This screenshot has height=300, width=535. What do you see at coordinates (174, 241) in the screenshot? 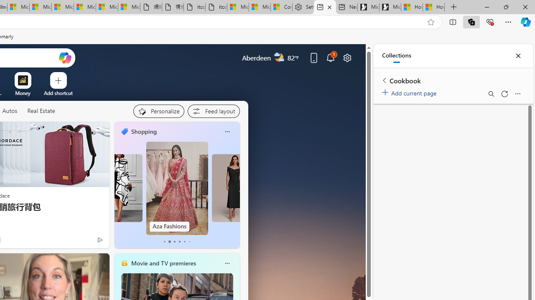
I see `'tab-2'` at bounding box center [174, 241].